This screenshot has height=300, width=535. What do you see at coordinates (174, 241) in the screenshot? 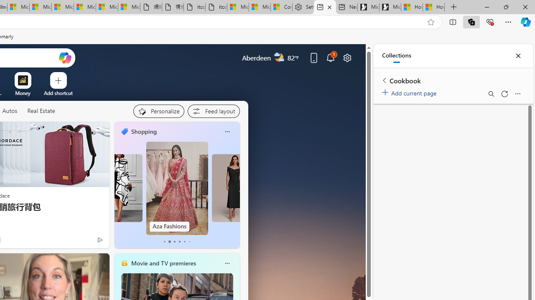
I see `'tab-2'` at bounding box center [174, 241].